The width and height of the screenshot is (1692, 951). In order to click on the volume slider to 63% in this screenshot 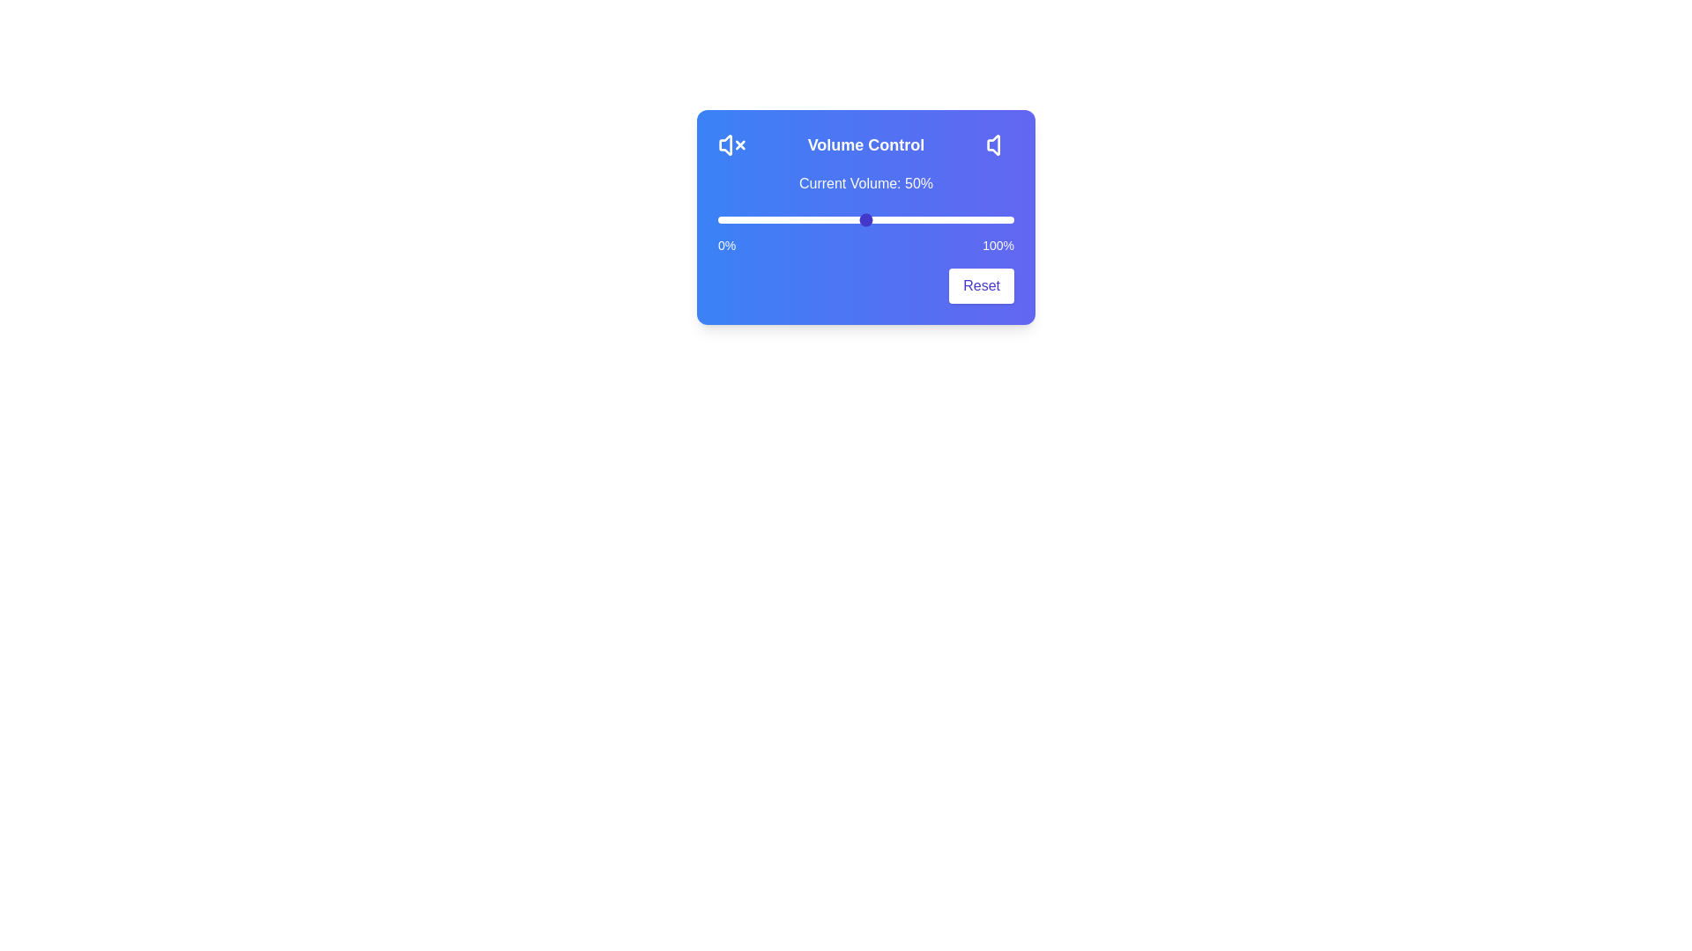, I will do `click(904, 219)`.